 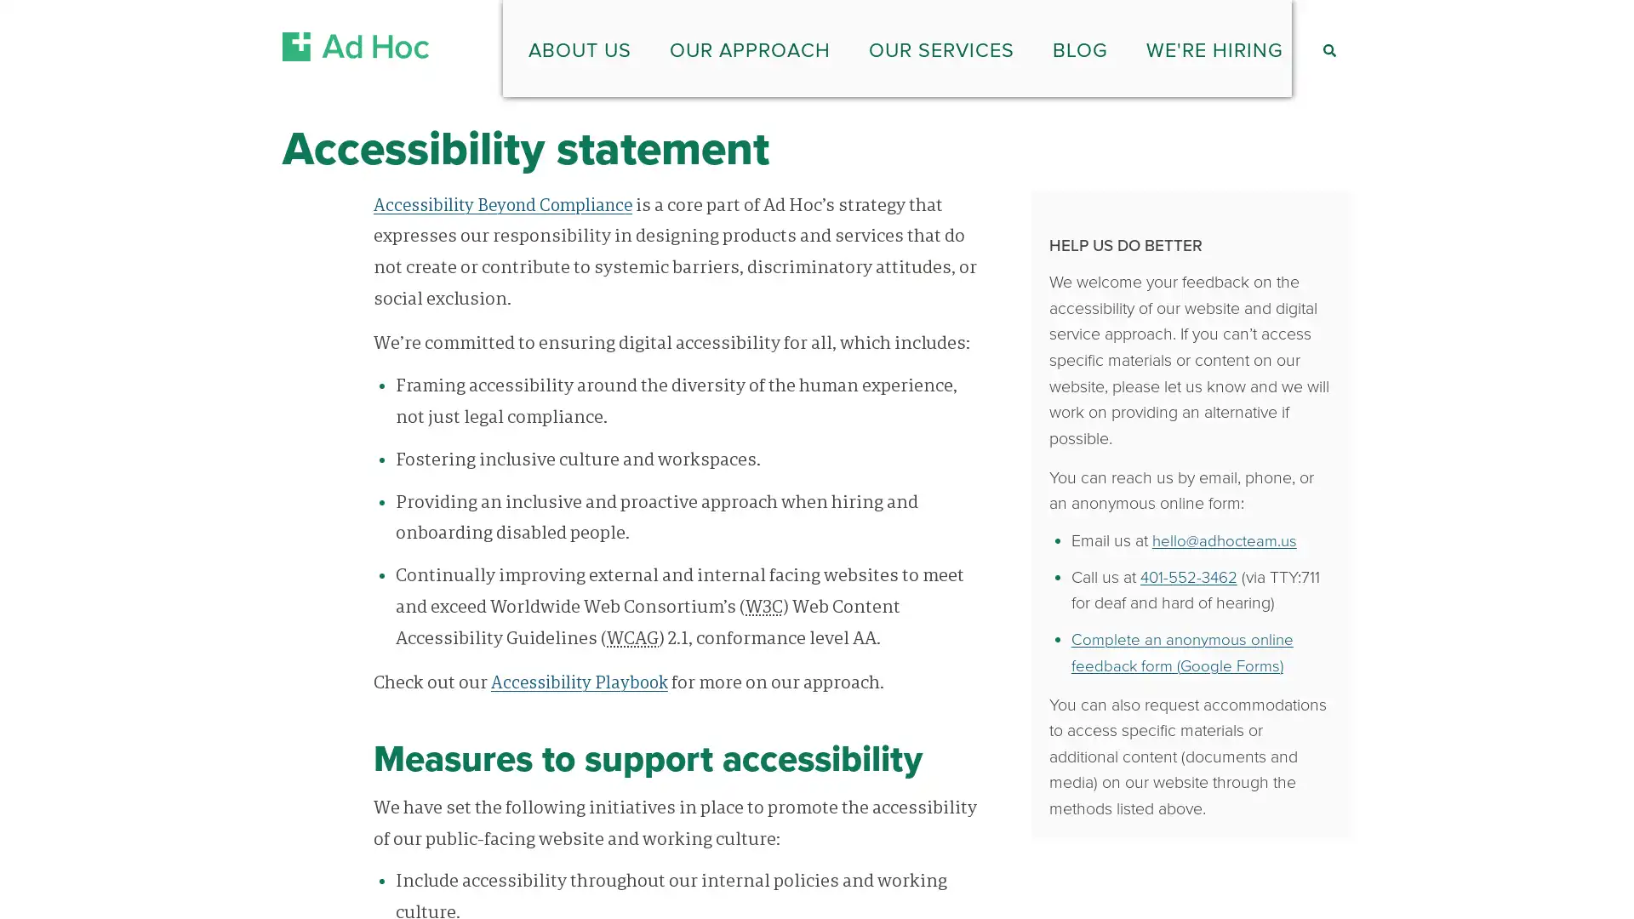 I want to click on Reveal Search Form, so click(x=1328, y=43).